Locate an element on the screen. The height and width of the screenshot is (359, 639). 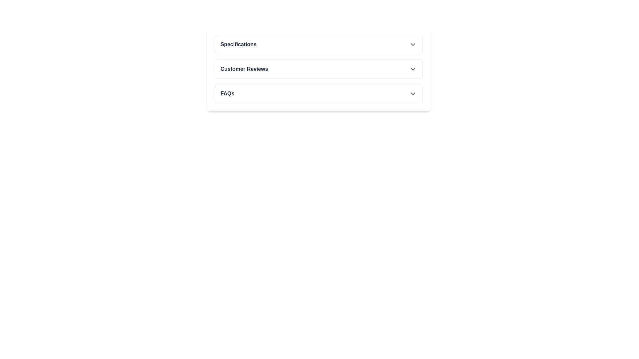
the dropdown toggle icon located on the far right of the 'Specifications' title bar is located at coordinates (412, 45).